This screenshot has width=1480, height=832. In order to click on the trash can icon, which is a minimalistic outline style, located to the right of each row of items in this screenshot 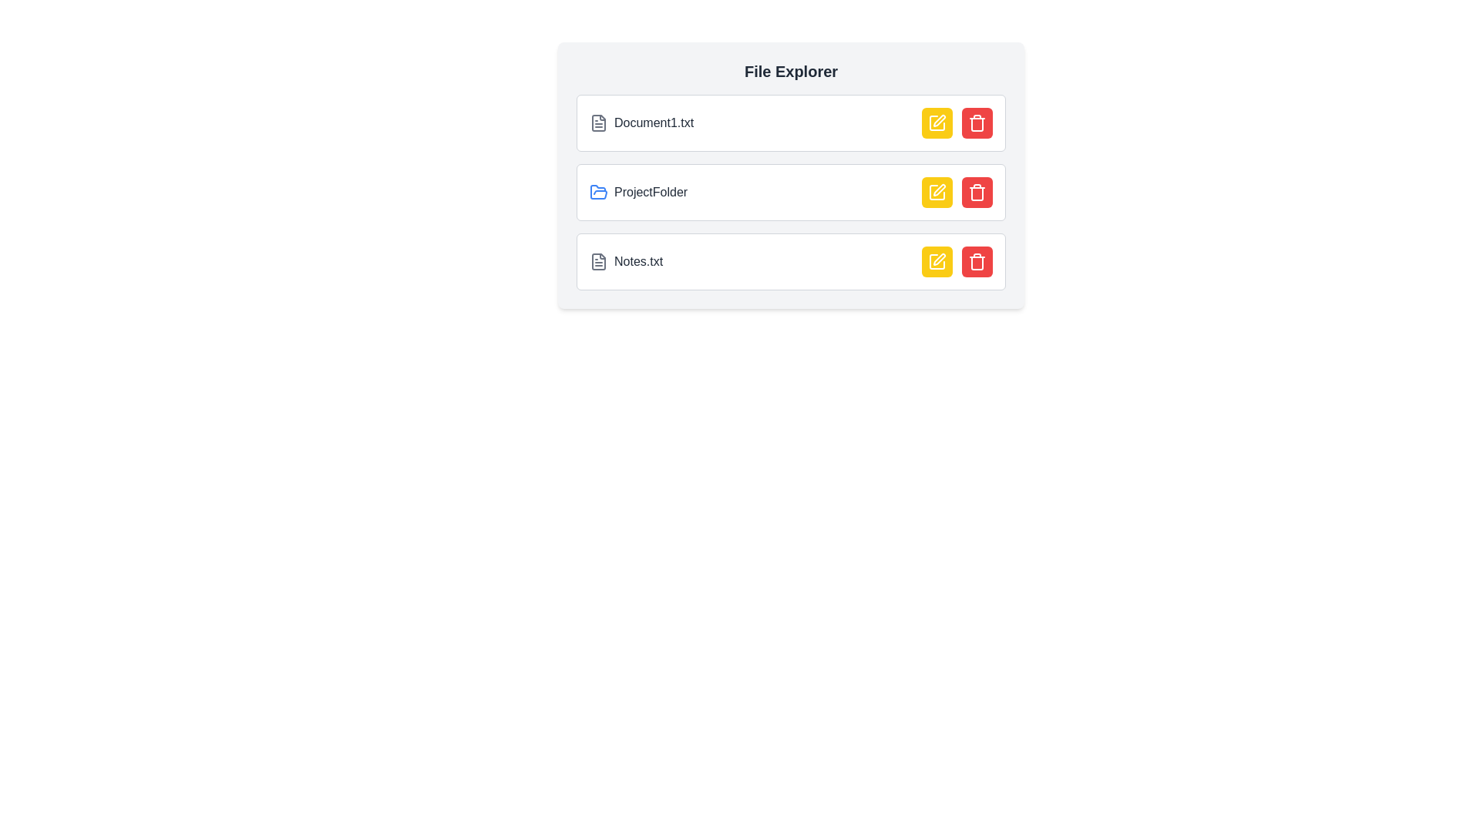, I will do `click(976, 124)`.